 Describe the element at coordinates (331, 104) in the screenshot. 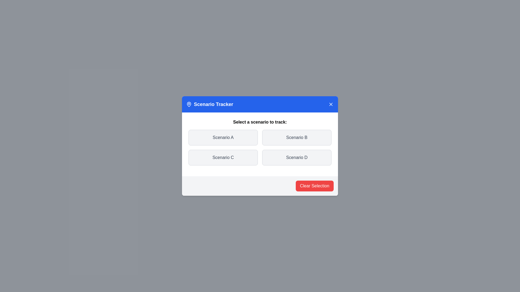

I see `the close button to close the dialog` at that location.